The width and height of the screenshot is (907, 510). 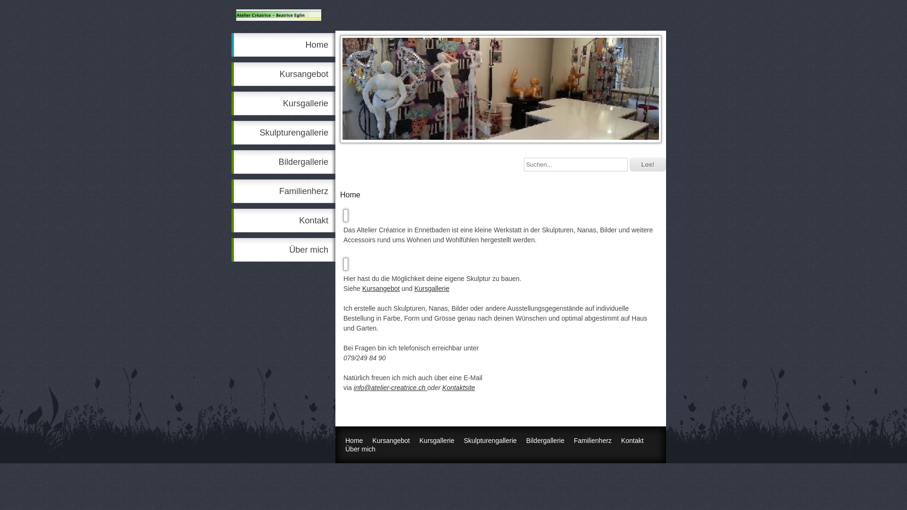 What do you see at coordinates (353, 388) in the screenshot?
I see `'info@atelier-creatrice.ch'` at bounding box center [353, 388].